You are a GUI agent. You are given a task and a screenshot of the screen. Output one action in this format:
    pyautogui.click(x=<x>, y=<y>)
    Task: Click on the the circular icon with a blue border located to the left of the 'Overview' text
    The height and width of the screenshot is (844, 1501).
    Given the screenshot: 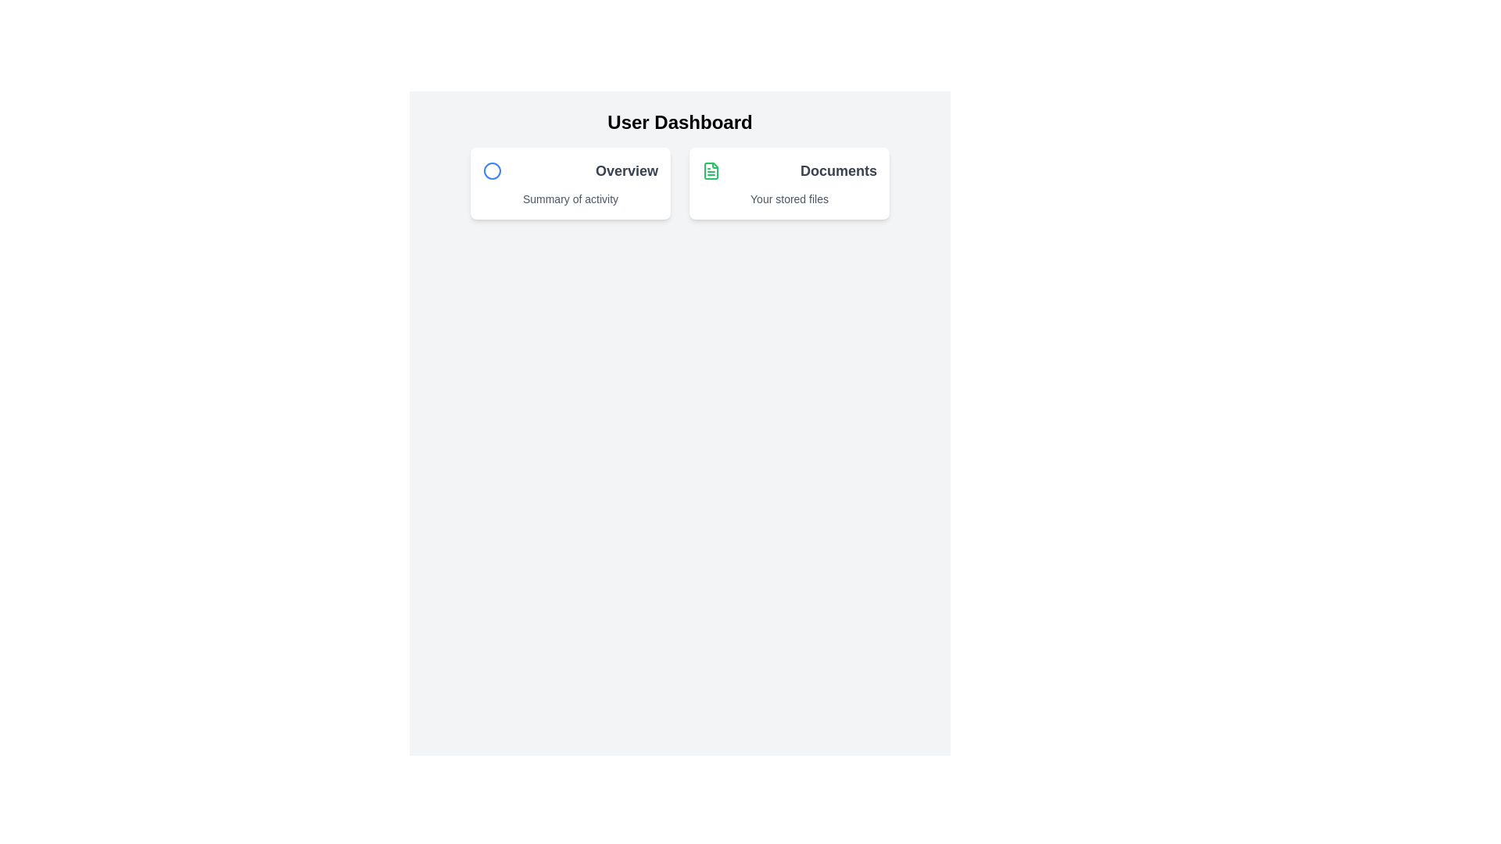 What is the action you would take?
    pyautogui.click(x=491, y=171)
    